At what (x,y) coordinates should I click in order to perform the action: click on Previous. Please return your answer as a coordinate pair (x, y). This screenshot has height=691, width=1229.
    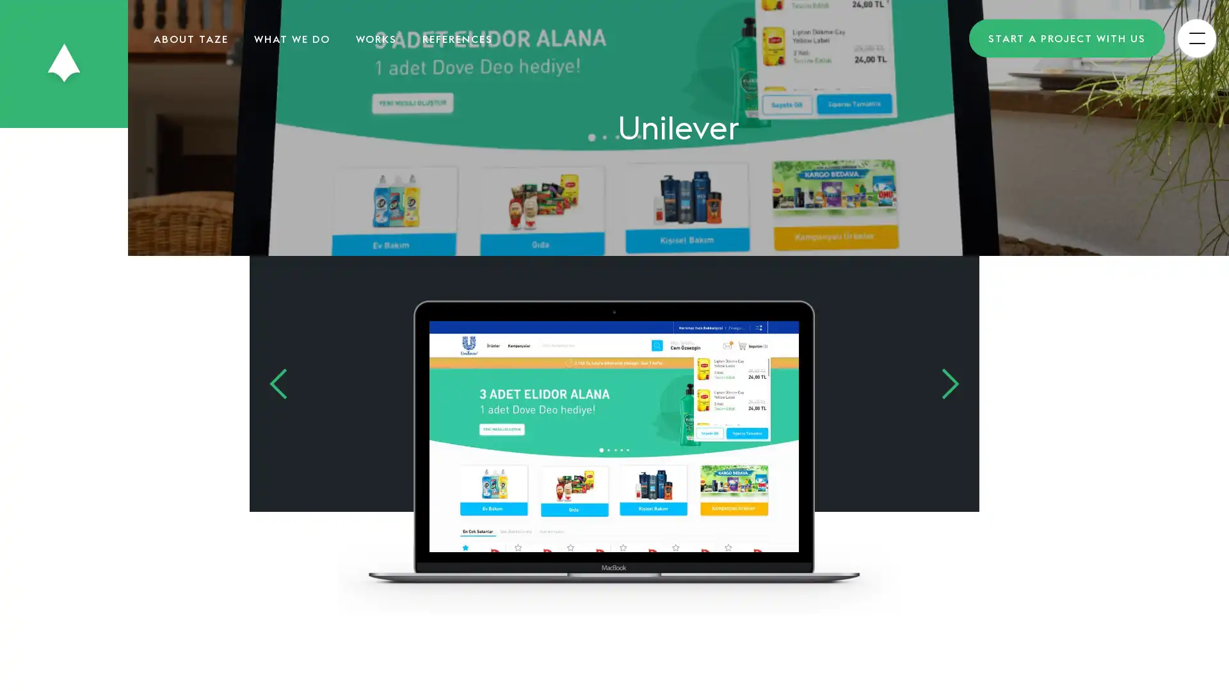
    Looking at the image, I should click on (278, 383).